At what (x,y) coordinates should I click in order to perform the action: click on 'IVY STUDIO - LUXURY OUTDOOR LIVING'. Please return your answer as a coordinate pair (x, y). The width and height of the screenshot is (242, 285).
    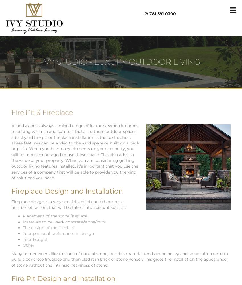
    Looking at the image, I should click on (121, 62).